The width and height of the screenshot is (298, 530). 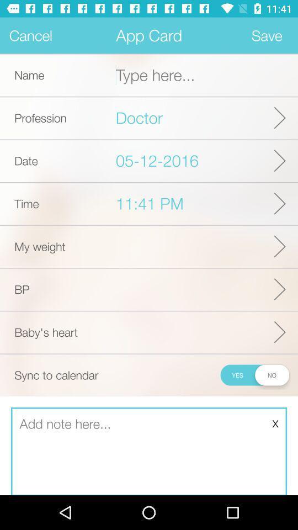 What do you see at coordinates (31, 35) in the screenshot?
I see `cancel icon` at bounding box center [31, 35].